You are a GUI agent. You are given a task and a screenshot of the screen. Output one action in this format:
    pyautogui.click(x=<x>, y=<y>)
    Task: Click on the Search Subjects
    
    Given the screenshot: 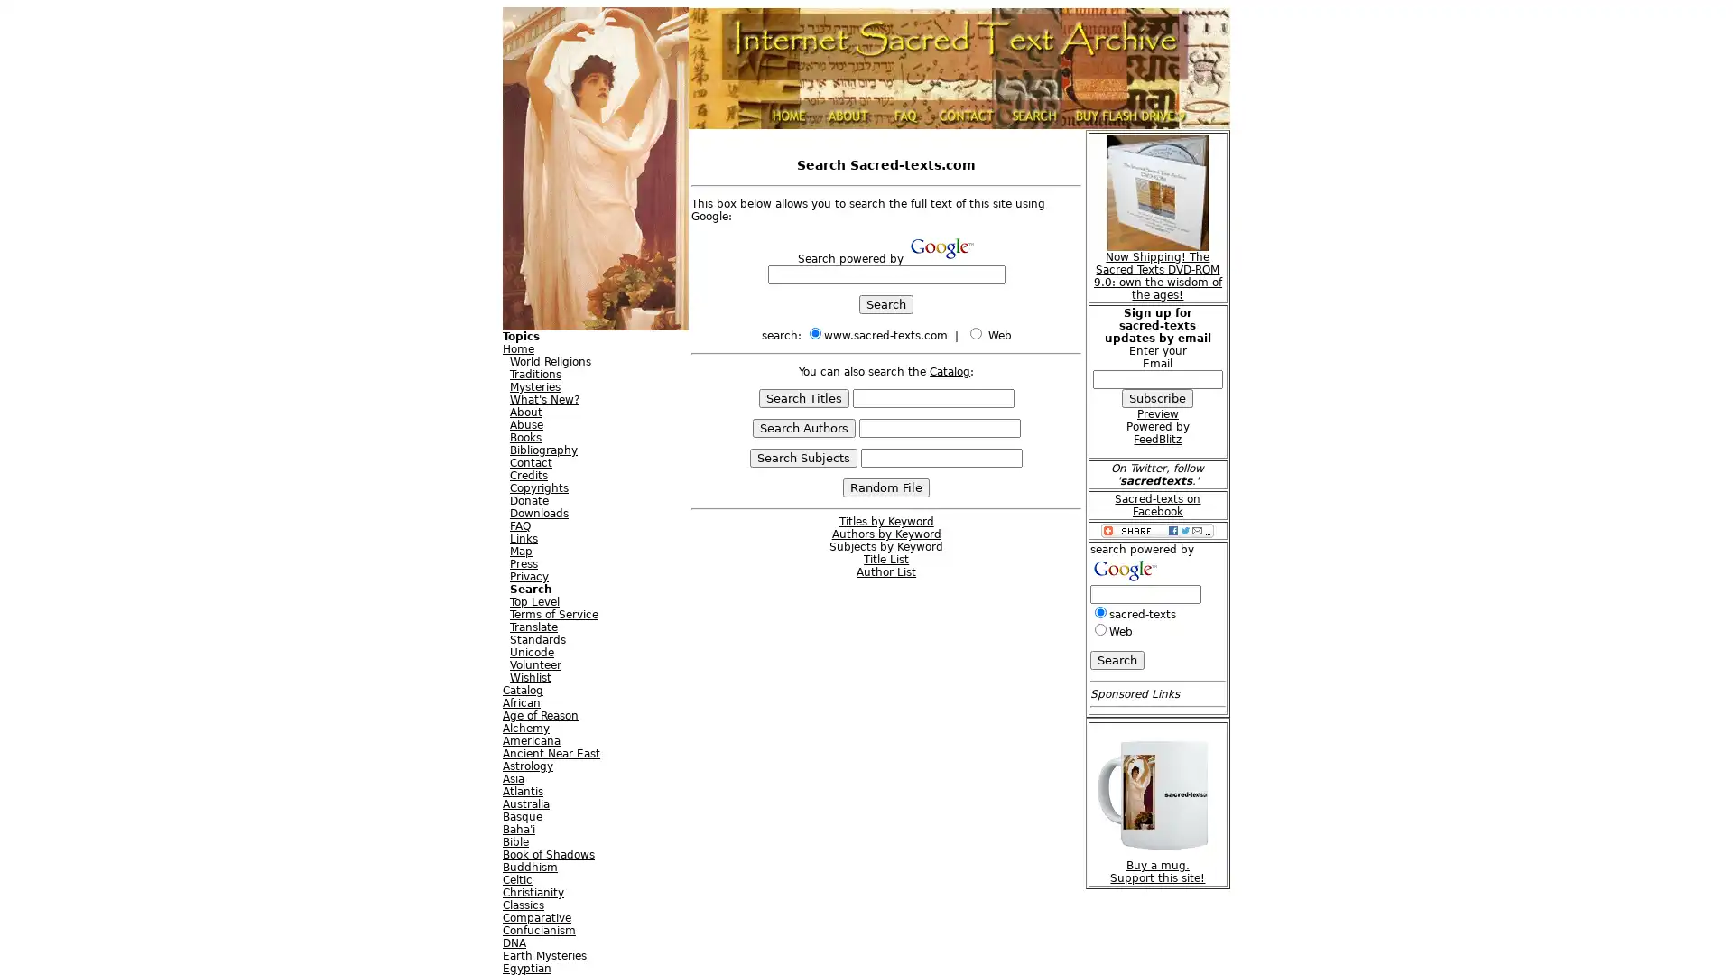 What is the action you would take?
    pyautogui.click(x=802, y=457)
    